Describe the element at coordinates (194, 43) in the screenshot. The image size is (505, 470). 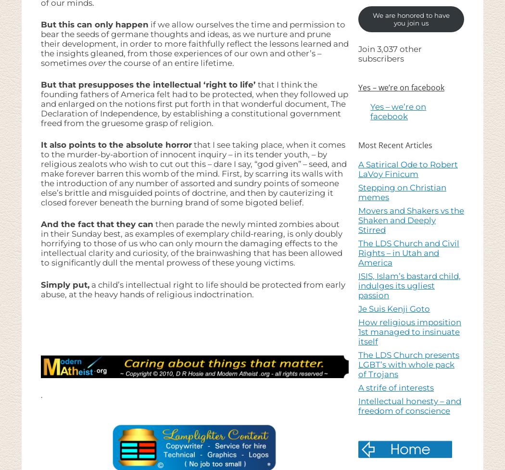
I see `'if we allow ourselves the time and permission to bear the seeds of germane thoughts and ideas, as we nurture and prune their development, in order to more faithfully reflect the lessons learned and the insights gleaned, from those experiences of our own and other’s – sometimes'` at that location.